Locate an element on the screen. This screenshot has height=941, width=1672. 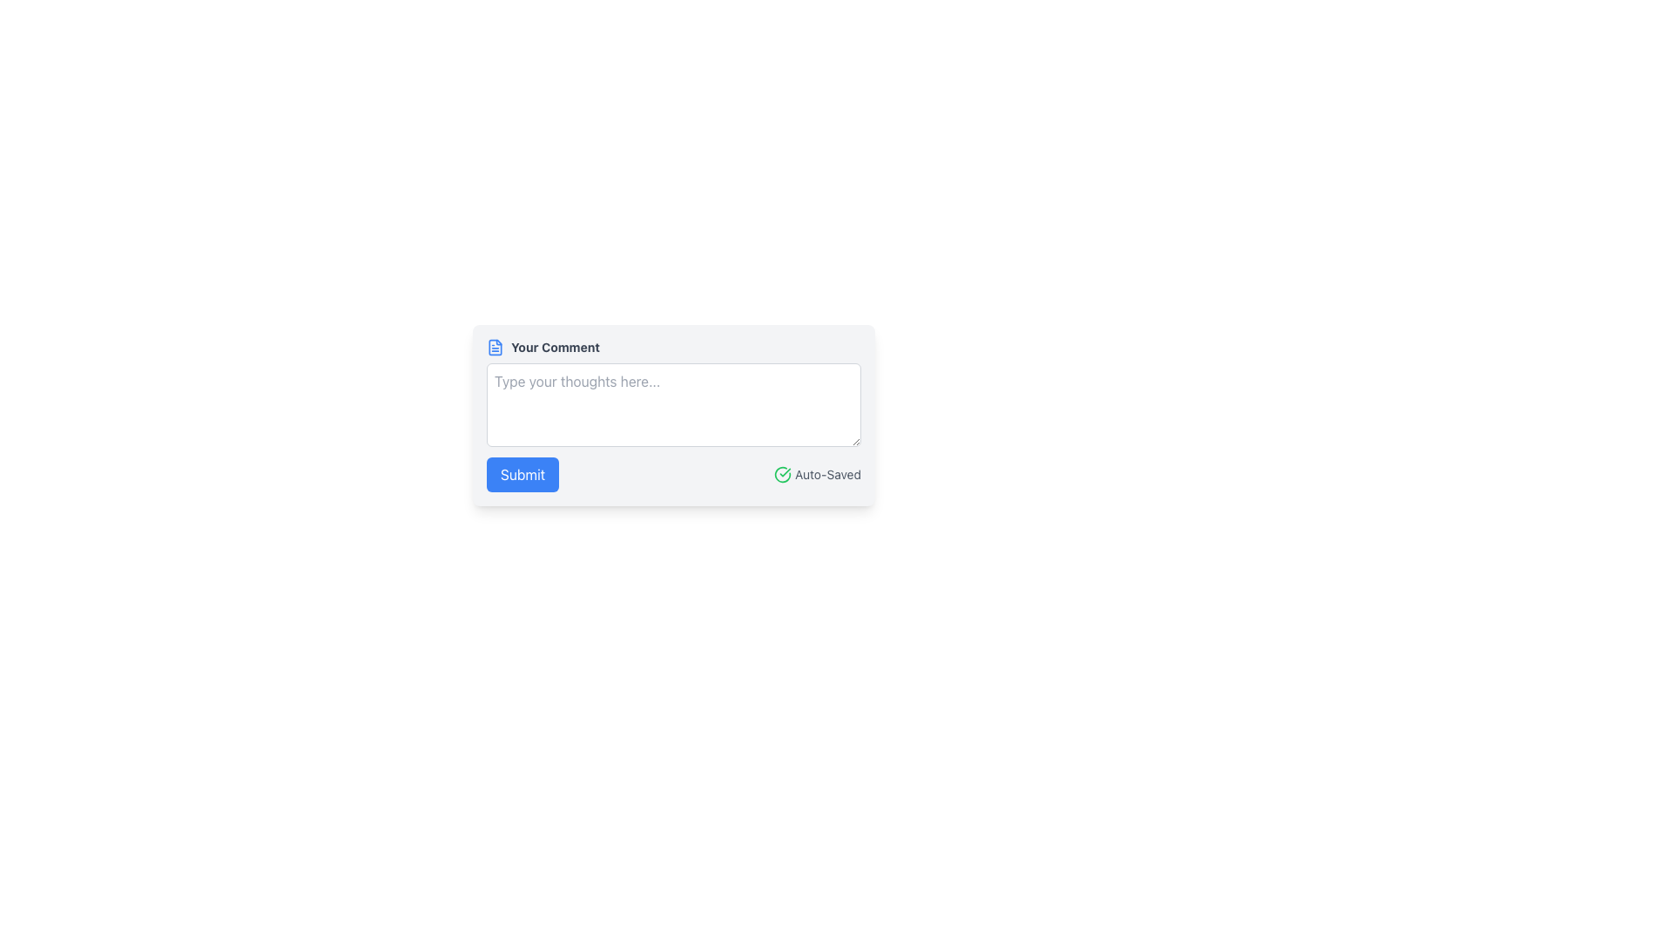
the document icon located to the far left of the 'Your Comment' label, which serves as an informational or decorative icon in the comment section is located at coordinates (495, 347).